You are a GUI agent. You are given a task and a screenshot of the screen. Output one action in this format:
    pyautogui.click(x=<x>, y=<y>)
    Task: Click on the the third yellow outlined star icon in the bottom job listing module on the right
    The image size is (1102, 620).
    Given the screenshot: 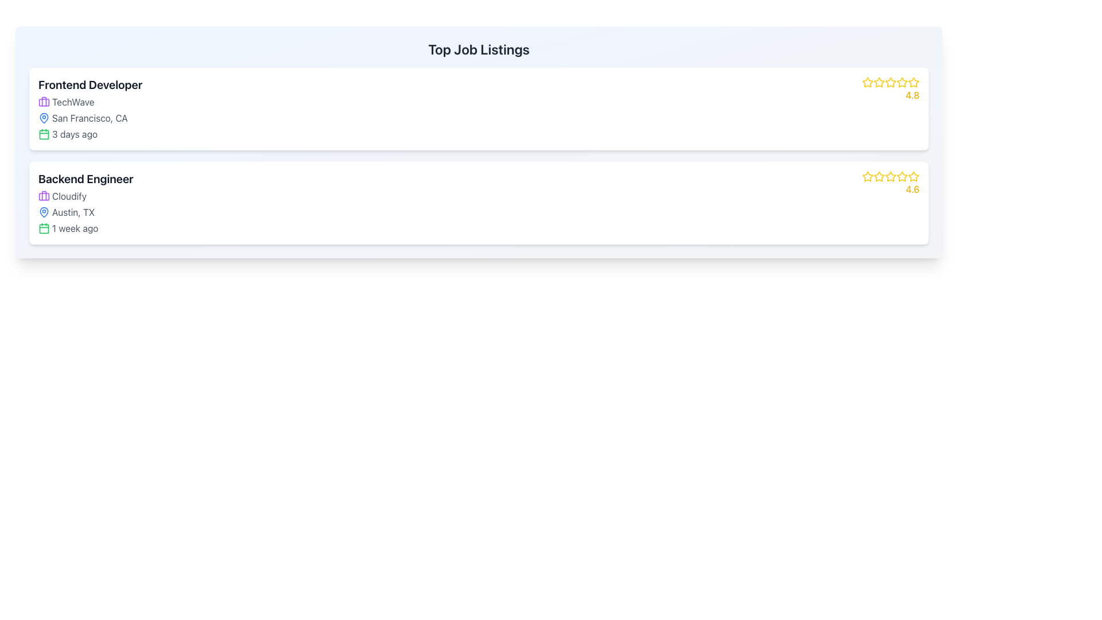 What is the action you would take?
    pyautogui.click(x=890, y=177)
    